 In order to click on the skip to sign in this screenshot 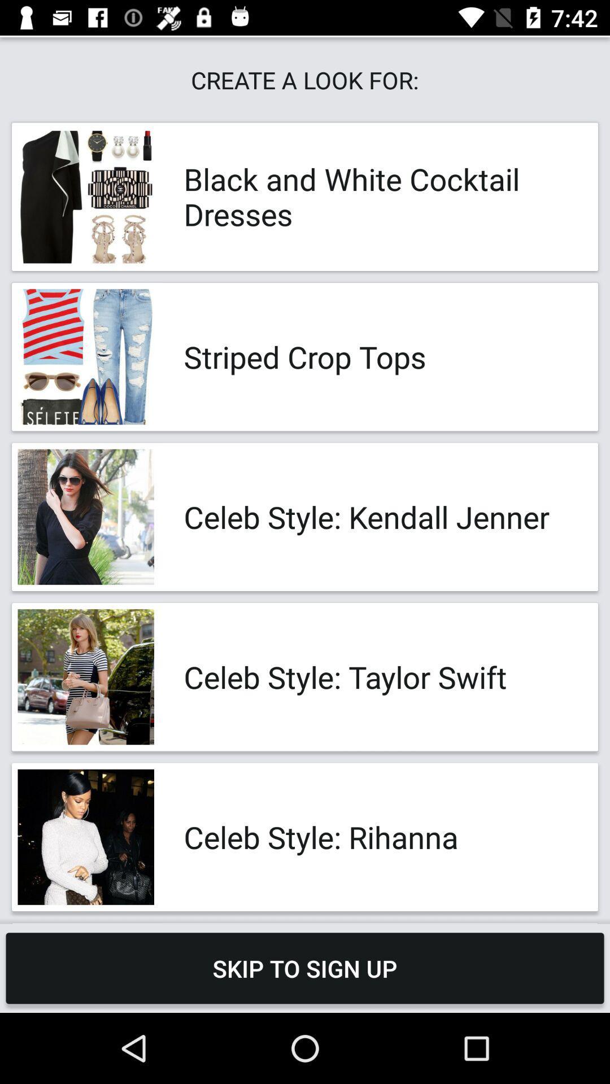, I will do `click(305, 968)`.